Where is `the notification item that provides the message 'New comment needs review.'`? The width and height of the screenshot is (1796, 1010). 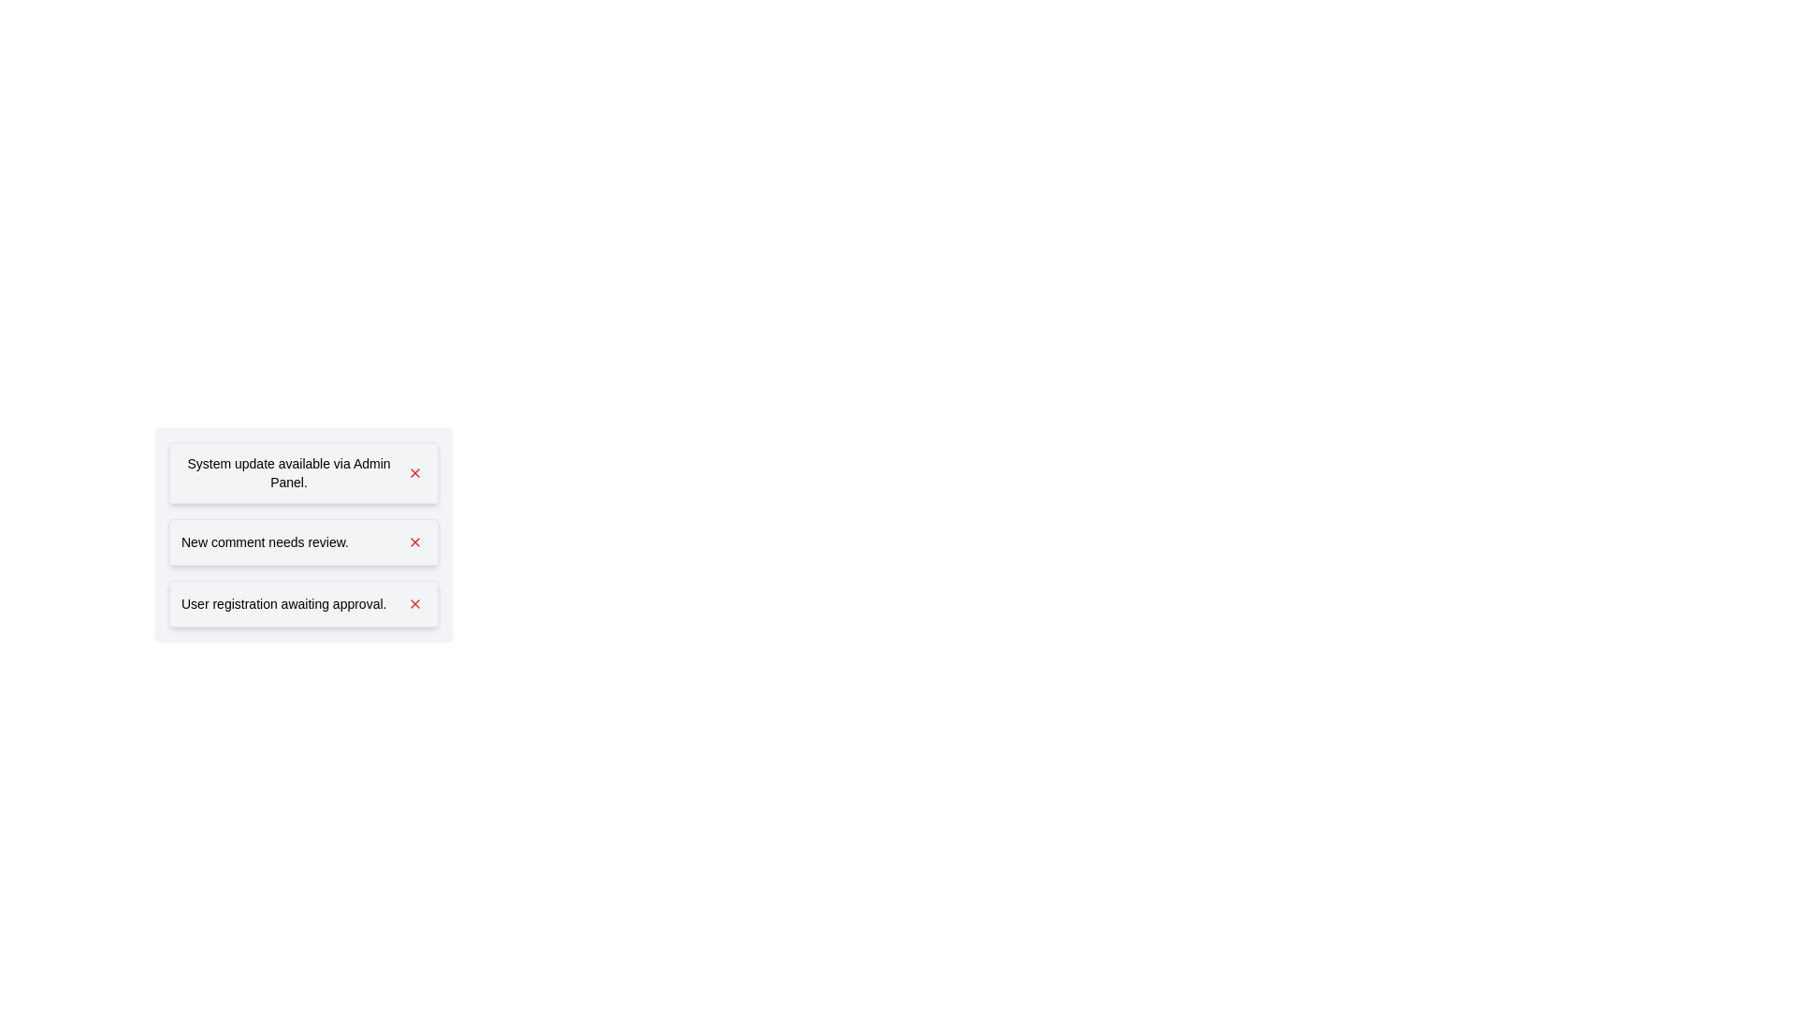 the notification item that provides the message 'New comment needs review.' is located at coordinates (304, 534).